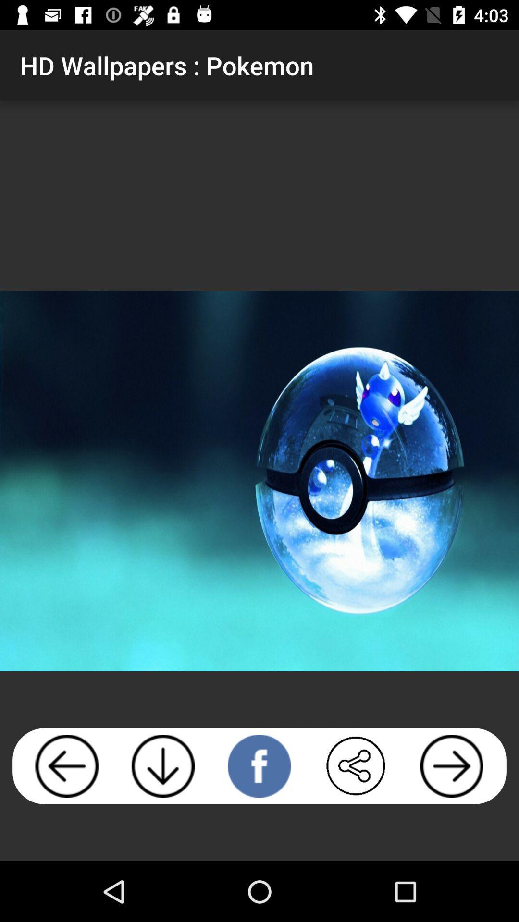 The image size is (519, 922). I want to click on the arrow_backward icon, so click(66, 765).